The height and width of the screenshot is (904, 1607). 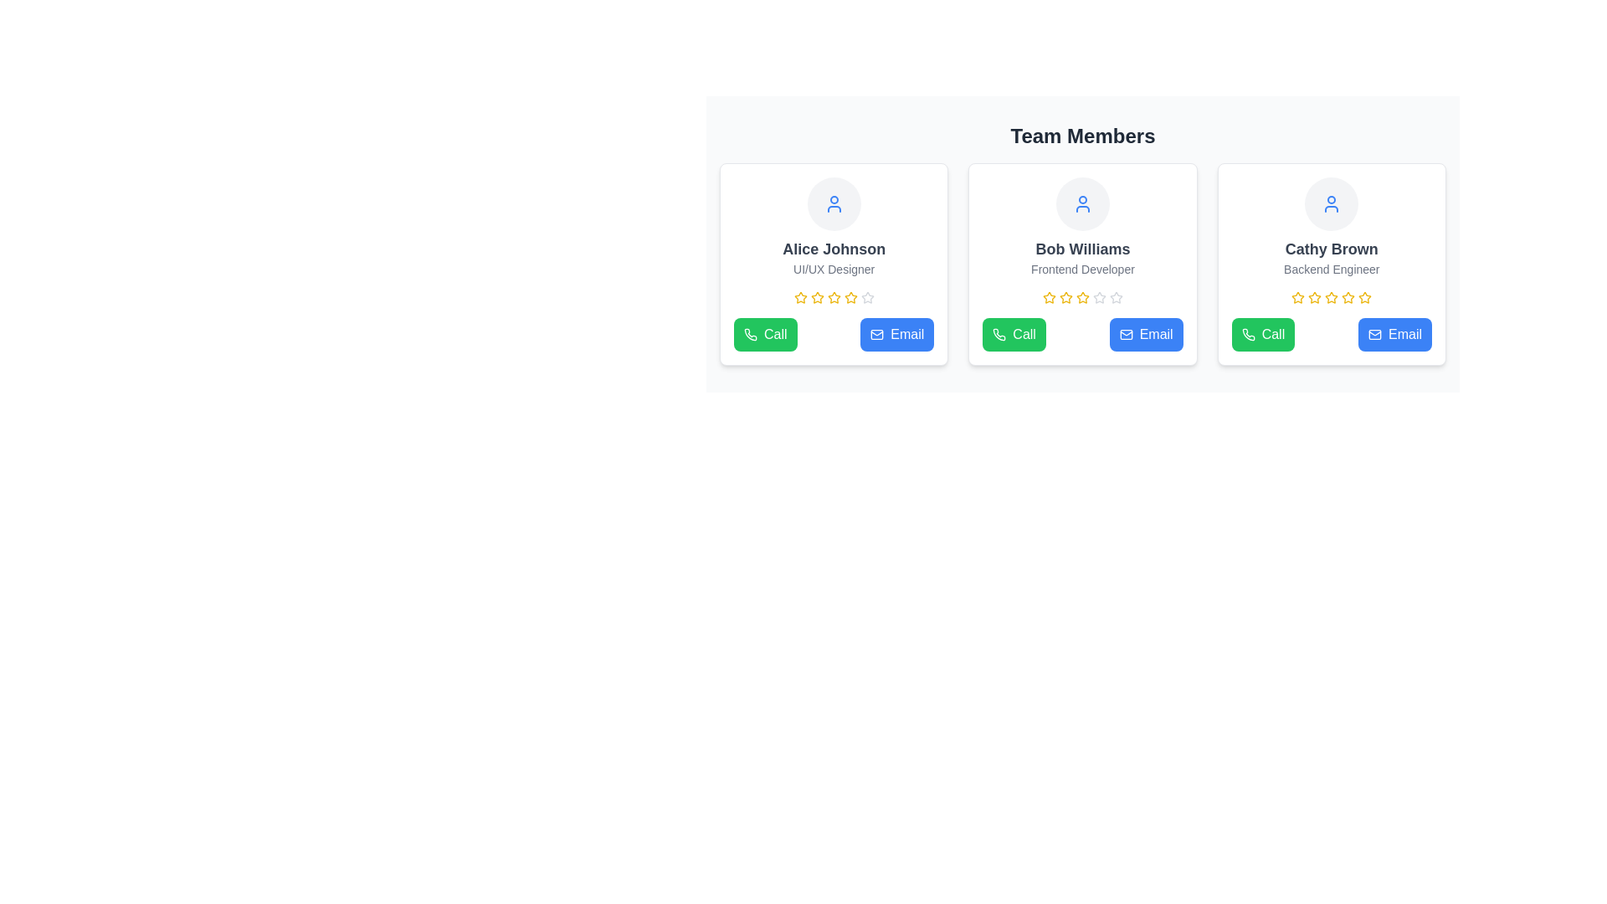 What do you see at coordinates (876, 335) in the screenshot?
I see `the email icon within the 'Email' button located beneath Alice Johnson's profile` at bounding box center [876, 335].